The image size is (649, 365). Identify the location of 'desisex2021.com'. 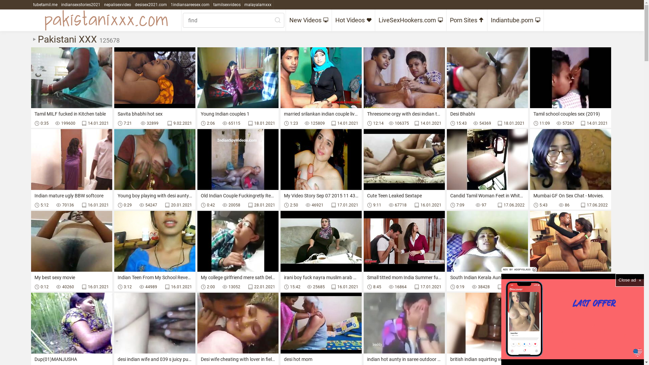
(150, 5).